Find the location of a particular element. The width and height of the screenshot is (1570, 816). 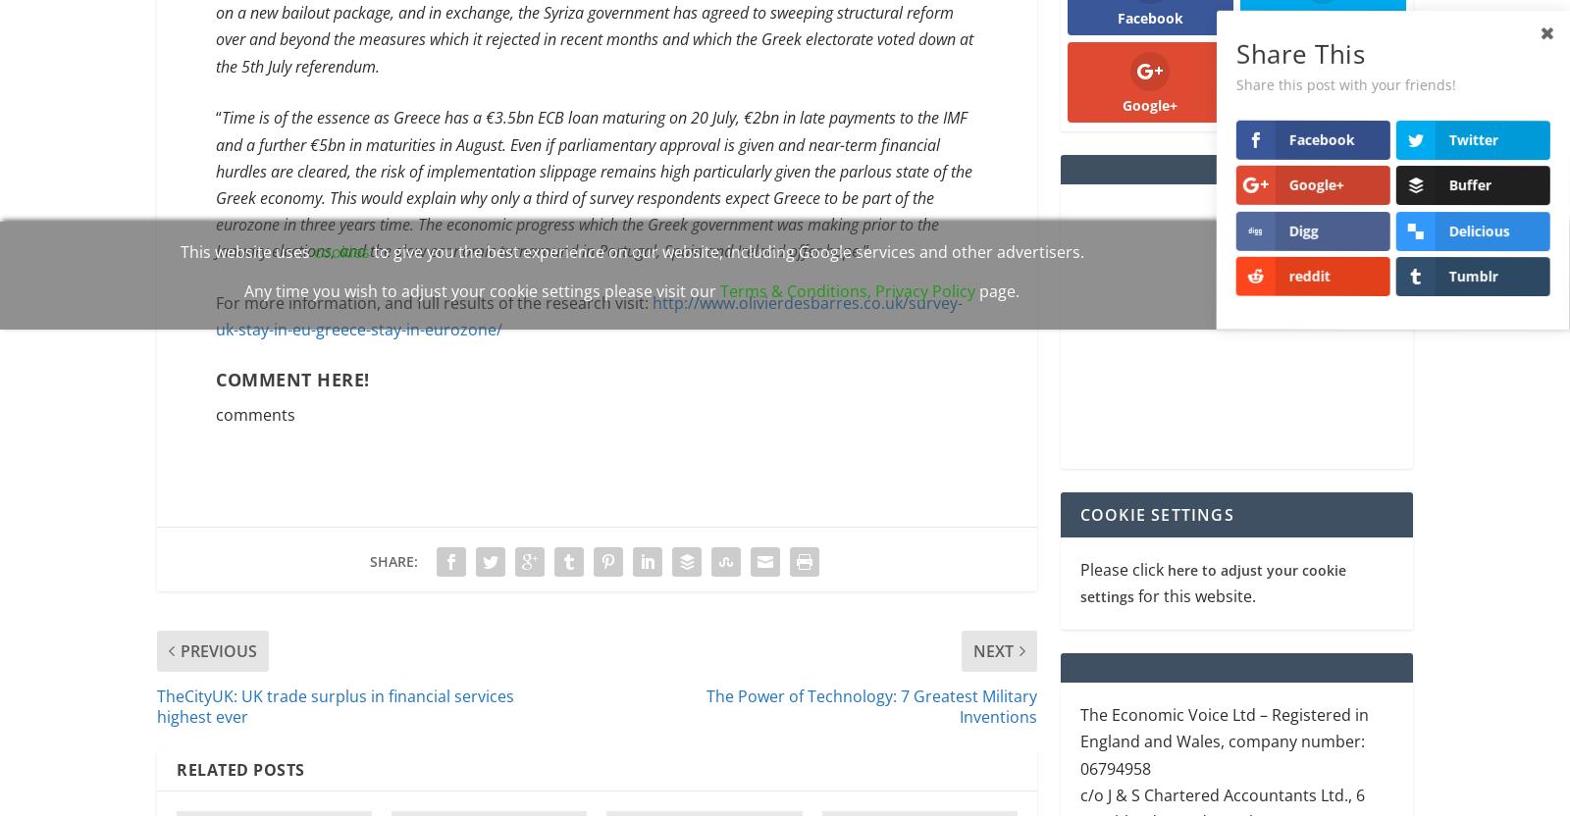

'Related Posts' is located at coordinates (239, 771).